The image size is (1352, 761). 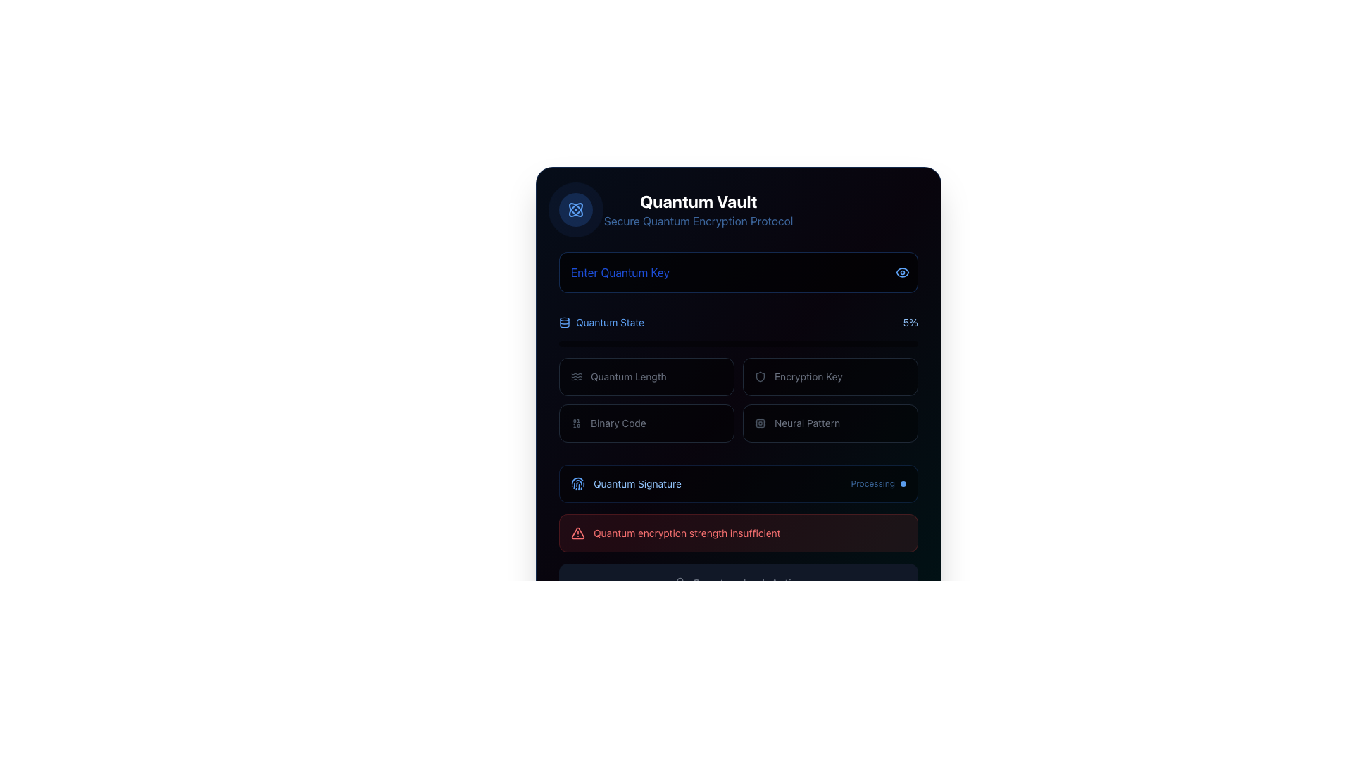 I want to click on the Label with animated indicator located on the right side of the 'Quantum Signature' section to indicate the ongoing status of a process, so click(x=877, y=483).